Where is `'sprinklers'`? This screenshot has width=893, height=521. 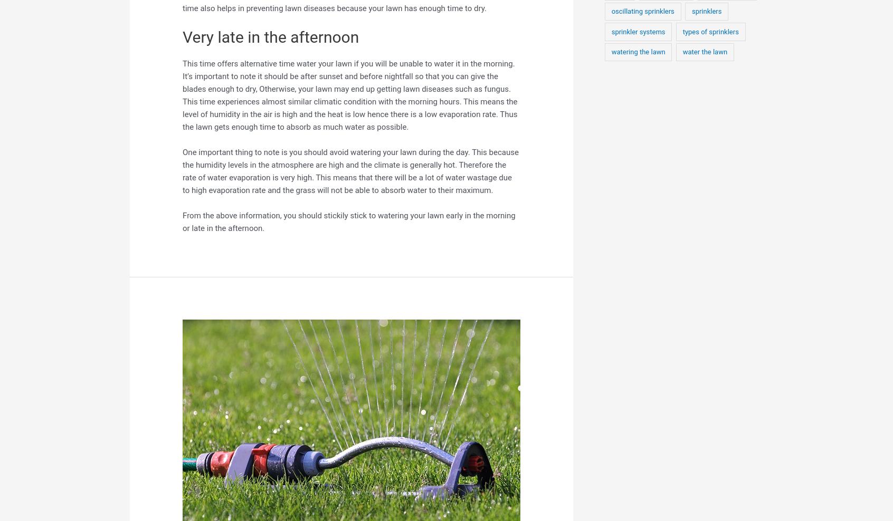 'sprinklers' is located at coordinates (690, 11).